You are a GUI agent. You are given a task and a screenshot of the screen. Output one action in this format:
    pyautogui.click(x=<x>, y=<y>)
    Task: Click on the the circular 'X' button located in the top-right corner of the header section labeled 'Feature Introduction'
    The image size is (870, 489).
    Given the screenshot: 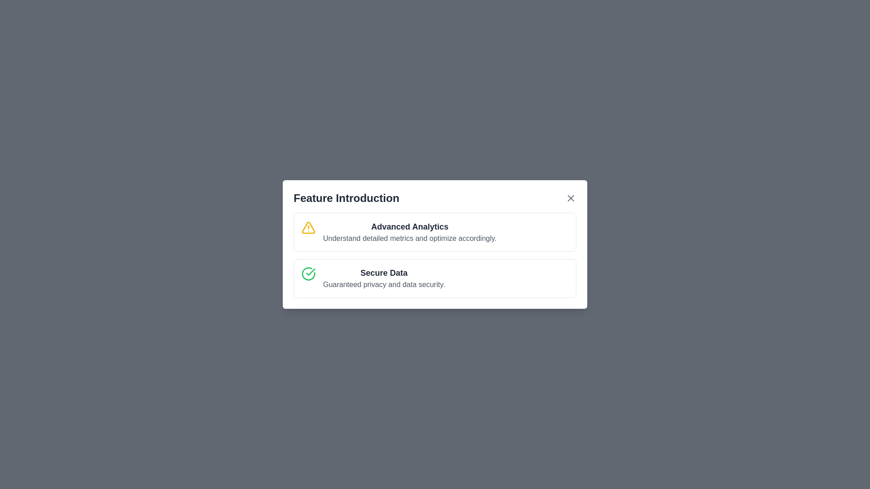 What is the action you would take?
    pyautogui.click(x=570, y=198)
    